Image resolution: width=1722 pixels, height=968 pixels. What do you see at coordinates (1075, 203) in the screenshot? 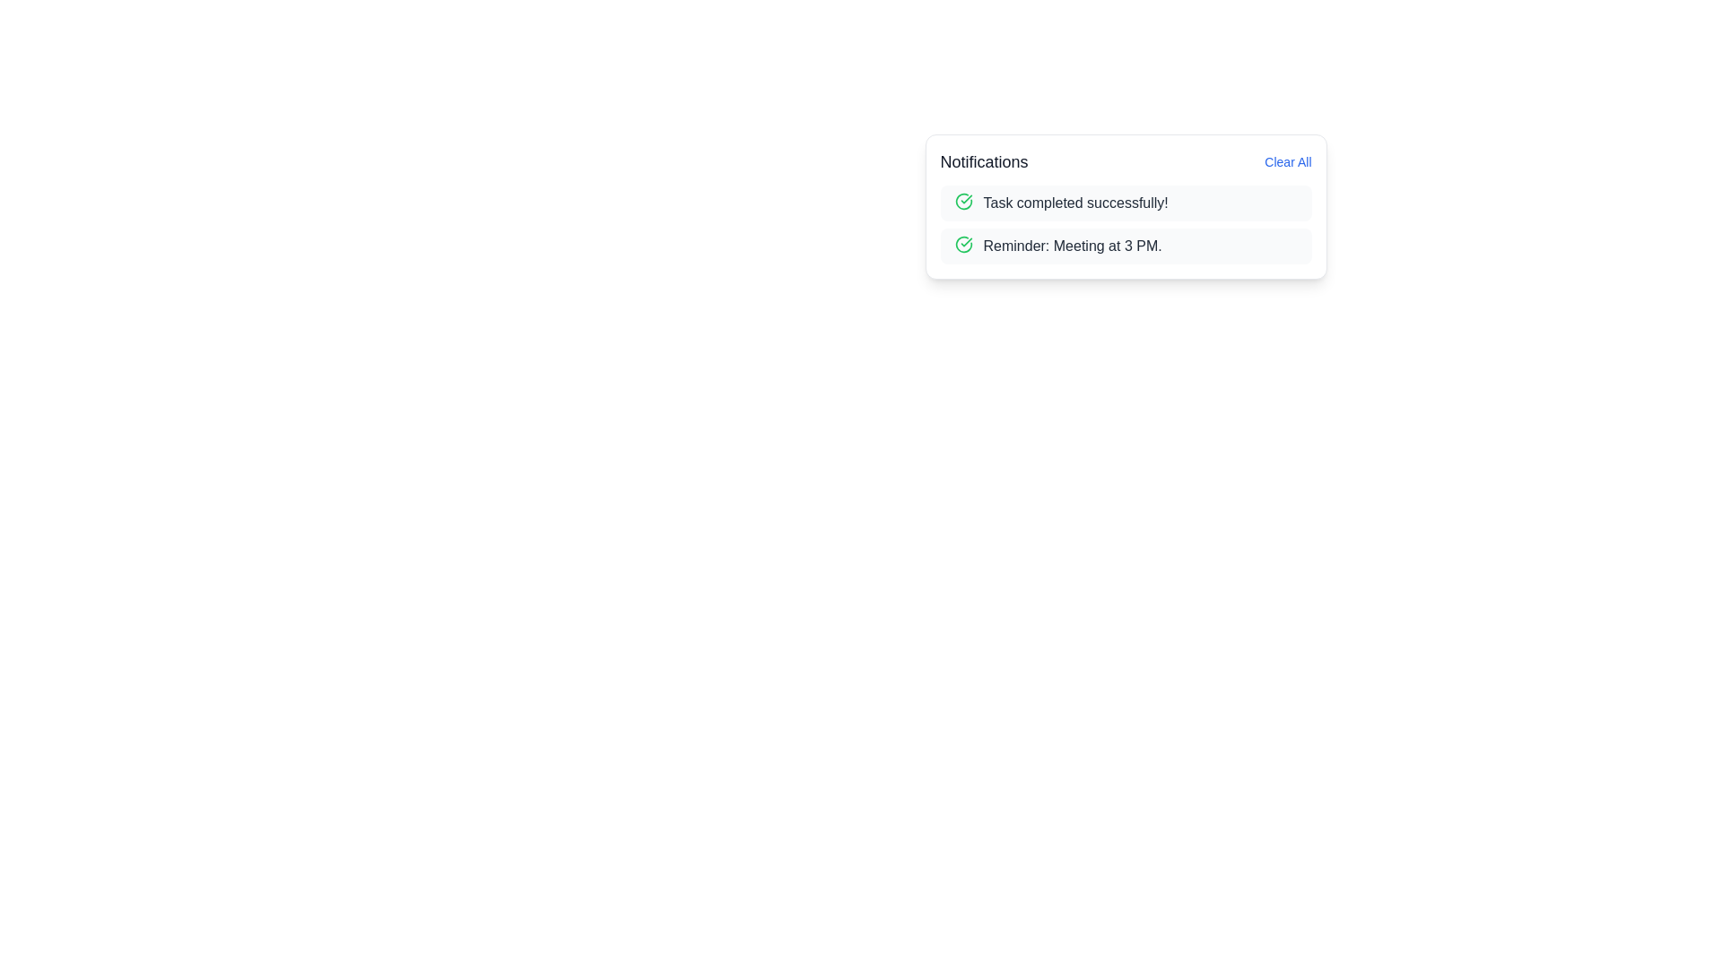
I see `the text label displaying 'Task completed successfully!' in the notification UI panel` at bounding box center [1075, 203].